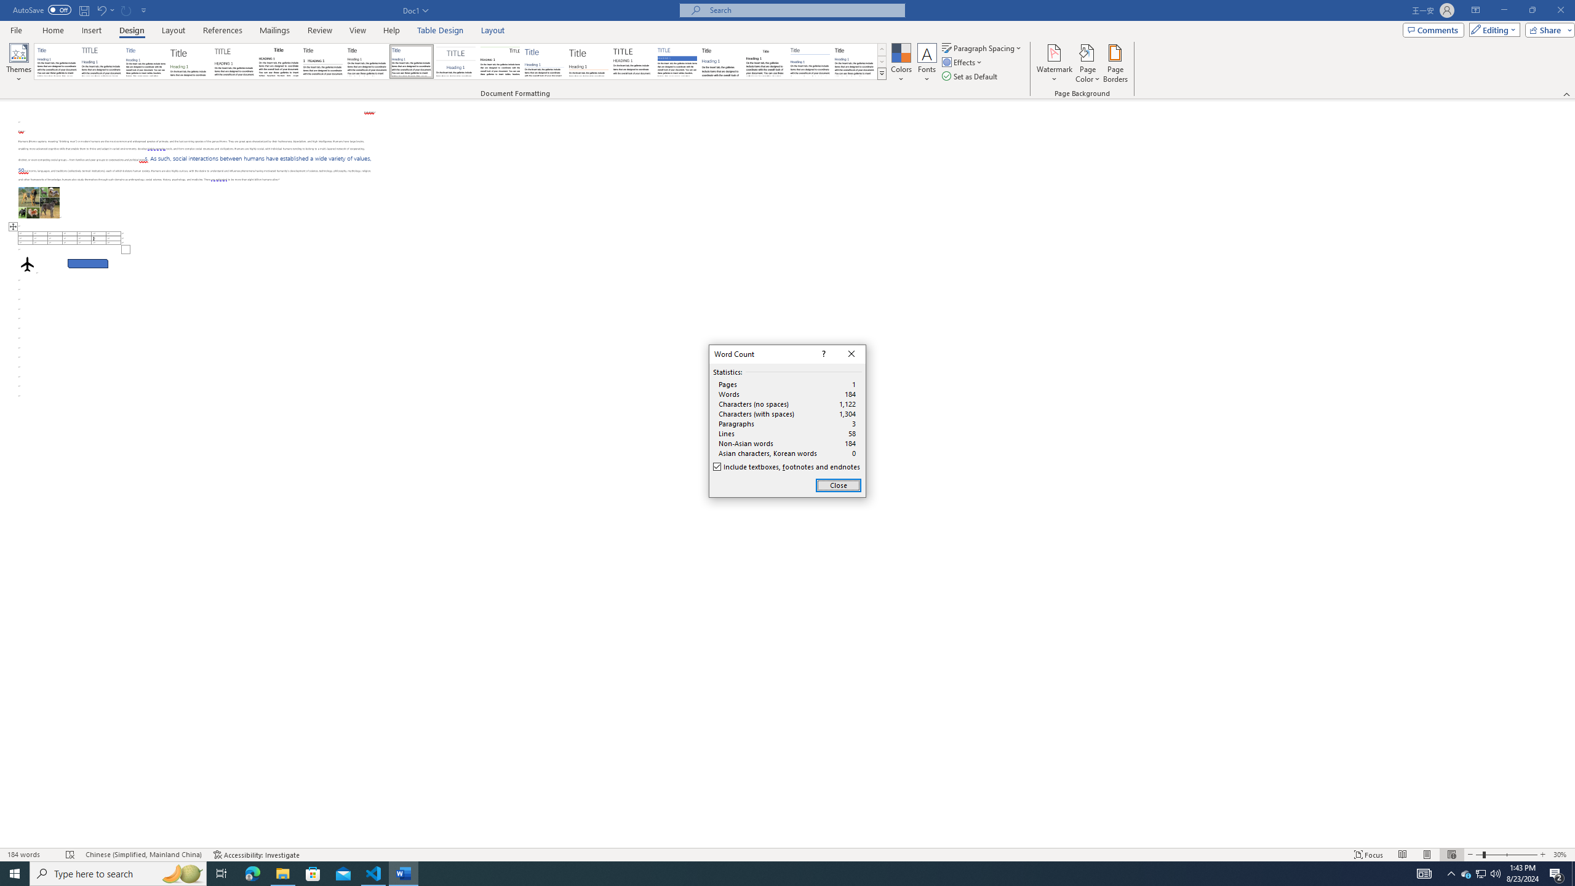 This screenshot has width=1575, height=886. Describe the element at coordinates (882, 73) in the screenshot. I see `'Class: NetUIImage'` at that location.